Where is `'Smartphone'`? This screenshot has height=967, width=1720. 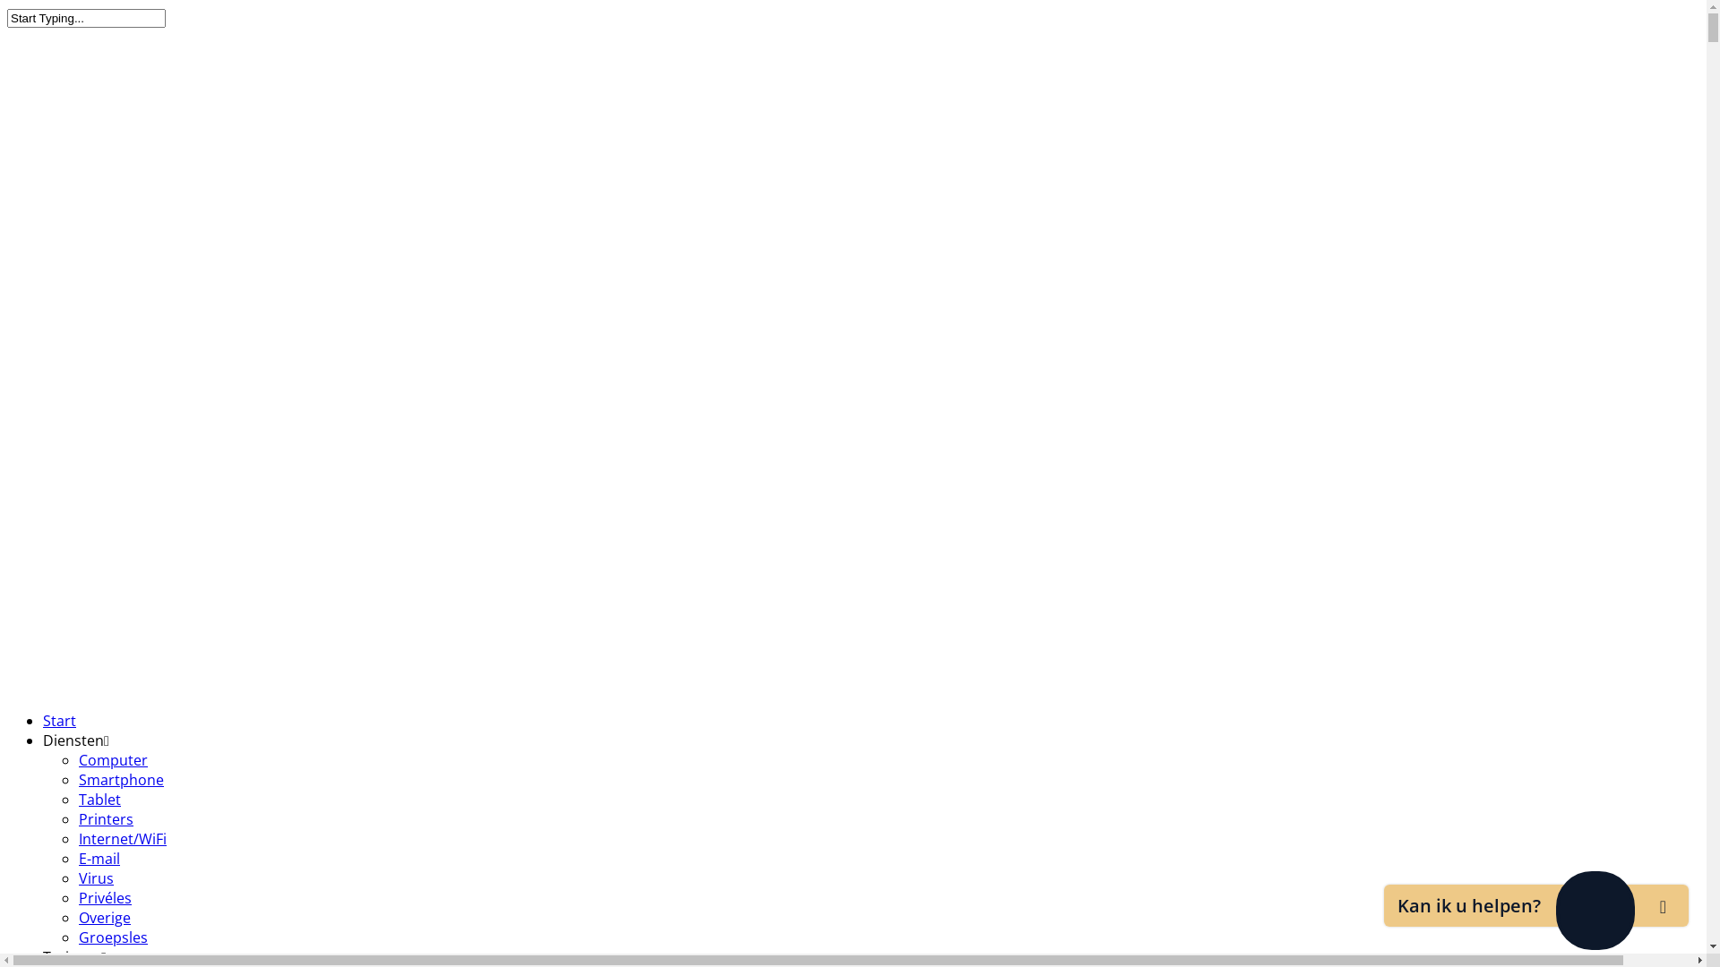
'Smartphone' is located at coordinates (77, 779).